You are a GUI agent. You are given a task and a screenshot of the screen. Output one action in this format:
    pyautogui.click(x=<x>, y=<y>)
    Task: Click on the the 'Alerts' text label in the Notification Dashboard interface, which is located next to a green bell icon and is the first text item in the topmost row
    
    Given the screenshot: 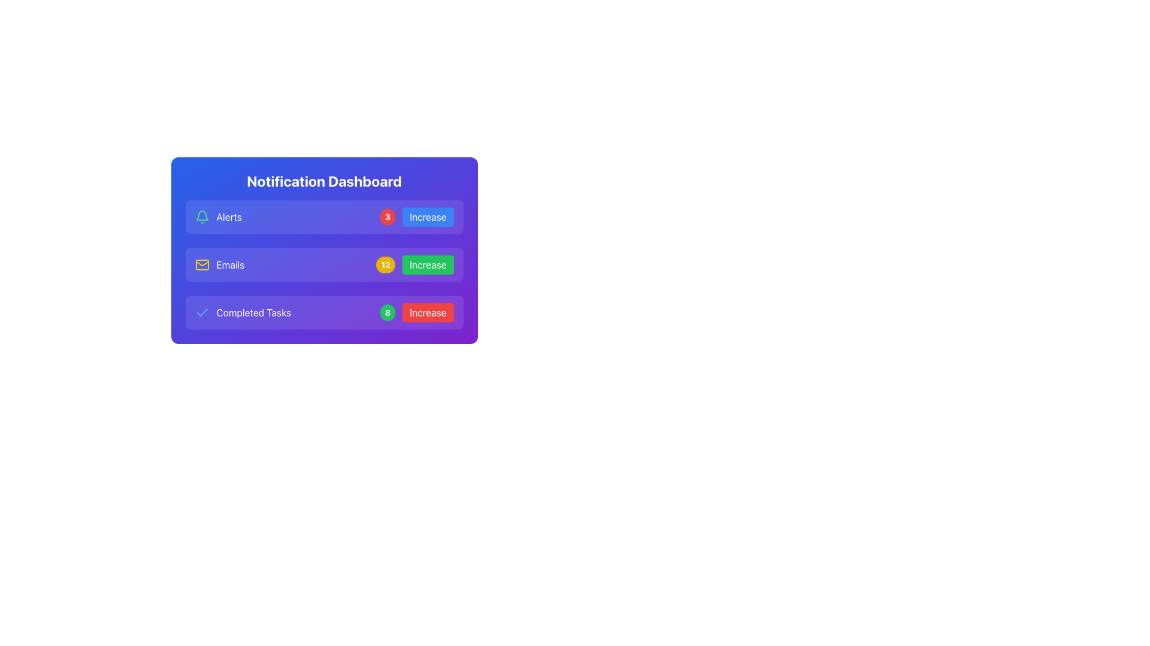 What is the action you would take?
    pyautogui.click(x=229, y=217)
    